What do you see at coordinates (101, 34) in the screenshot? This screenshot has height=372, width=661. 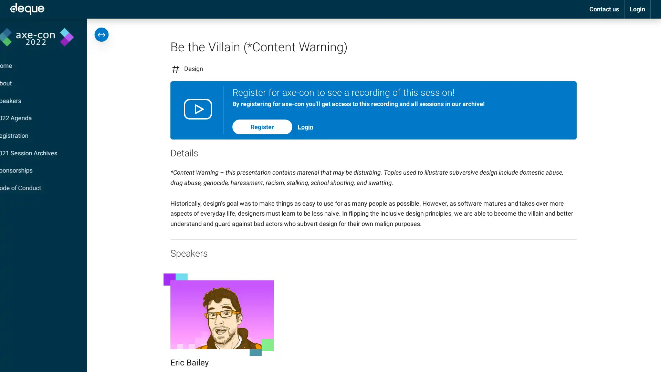 I see `Toggle sidebar` at bounding box center [101, 34].